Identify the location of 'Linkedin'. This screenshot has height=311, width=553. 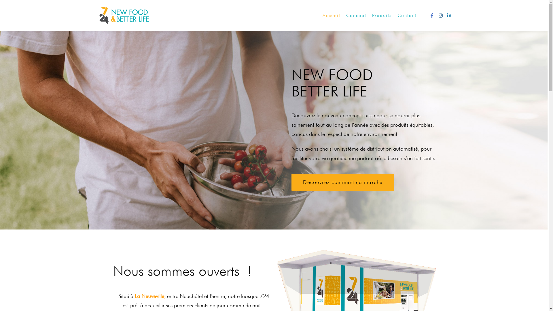
(449, 15).